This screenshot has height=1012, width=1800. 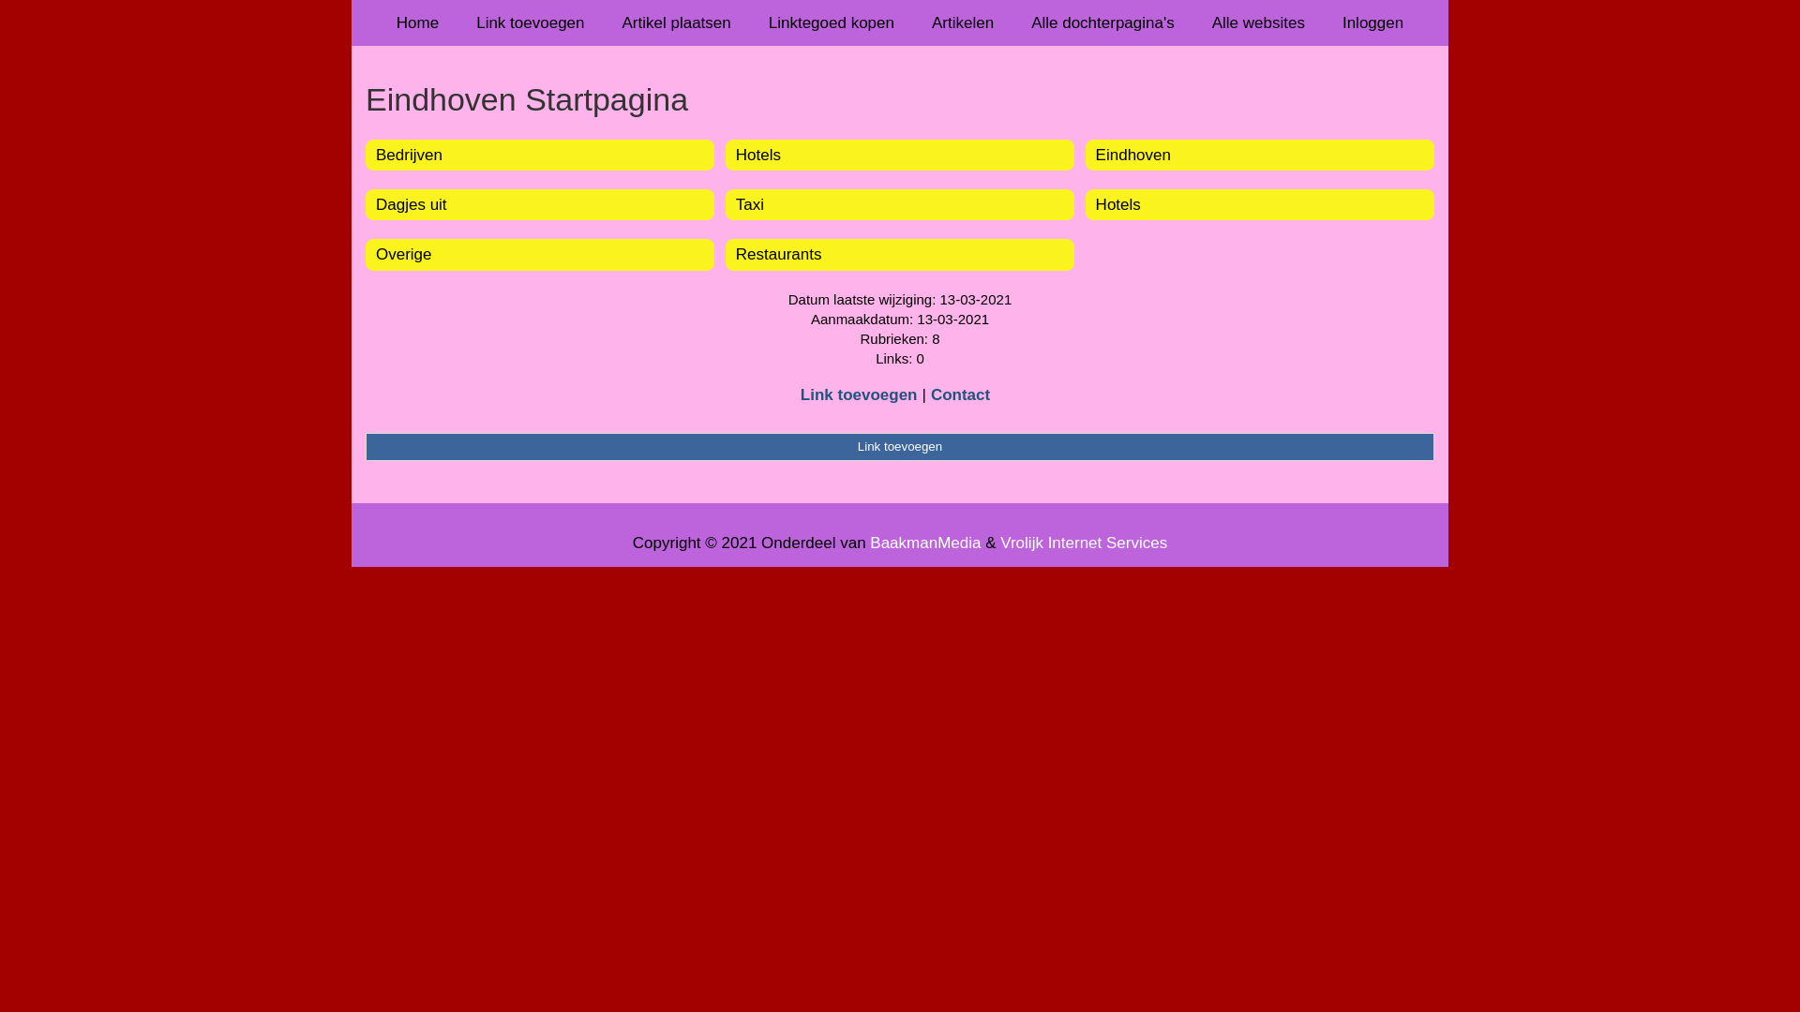 I want to click on 'Overige', so click(x=403, y=254).